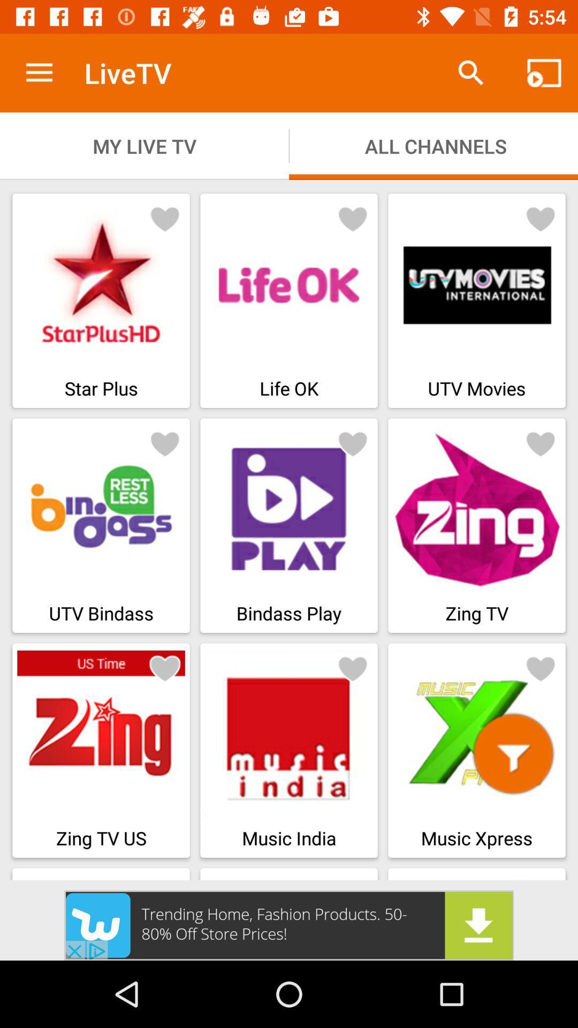 The image size is (578, 1028). Describe the element at coordinates (165, 218) in the screenshot. I see `bookmark button` at that location.